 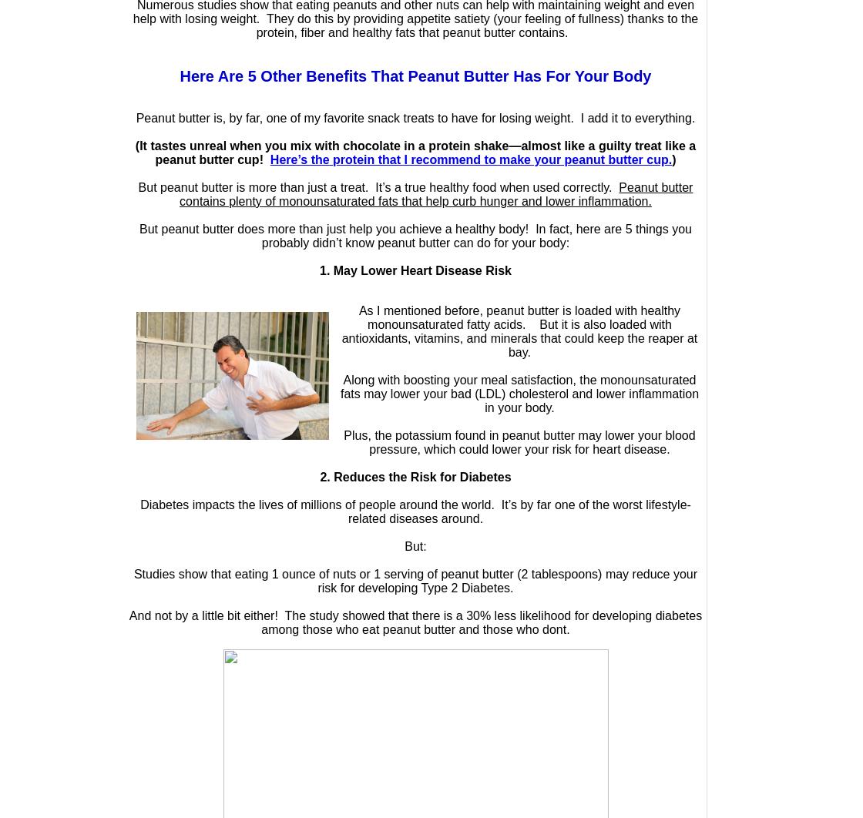 I want to click on ')', so click(x=673, y=159).